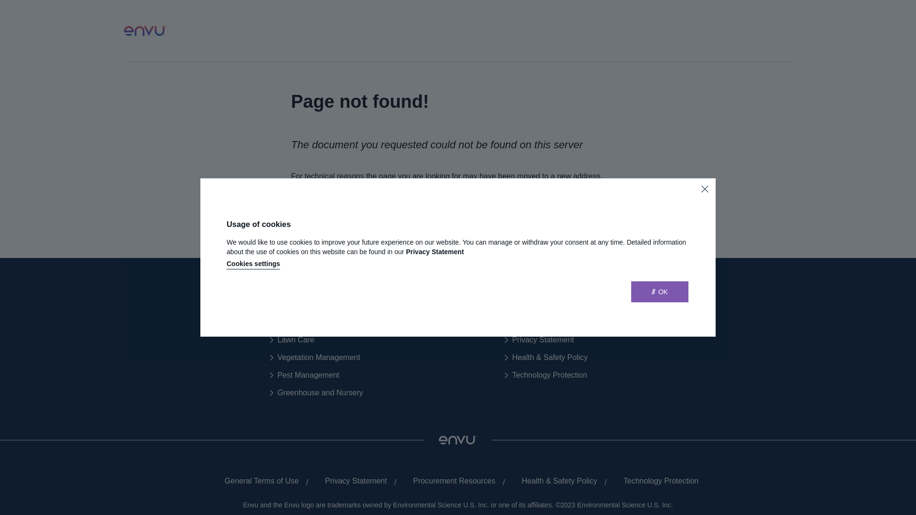  Describe the element at coordinates (270, 374) in the screenshot. I see `'Pest Management'` at that location.